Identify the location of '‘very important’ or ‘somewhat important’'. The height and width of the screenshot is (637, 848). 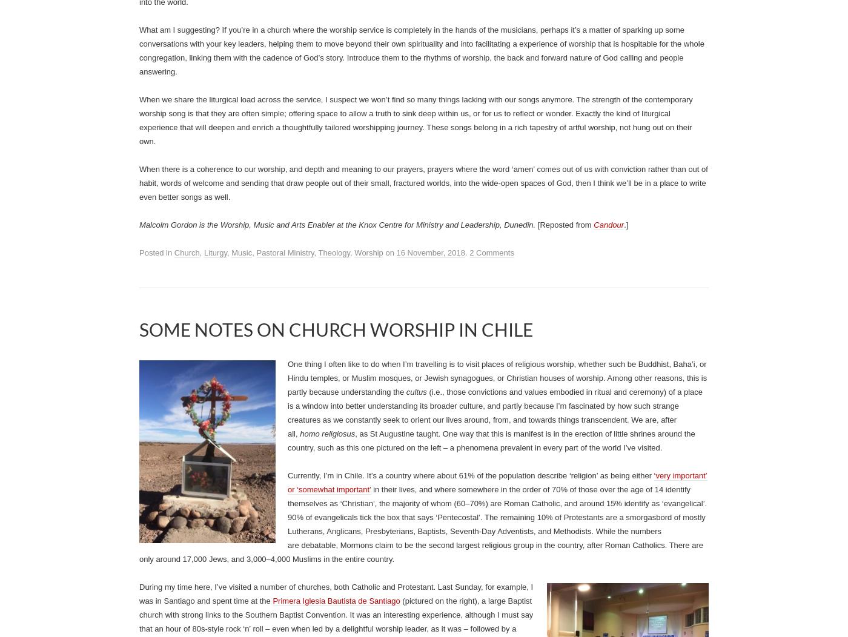
(288, 482).